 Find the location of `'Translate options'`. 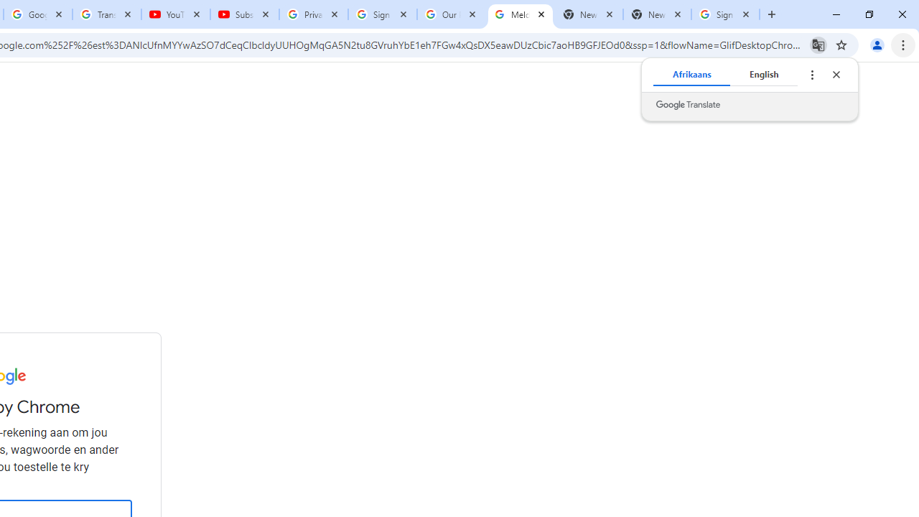

'Translate options' is located at coordinates (811, 75).